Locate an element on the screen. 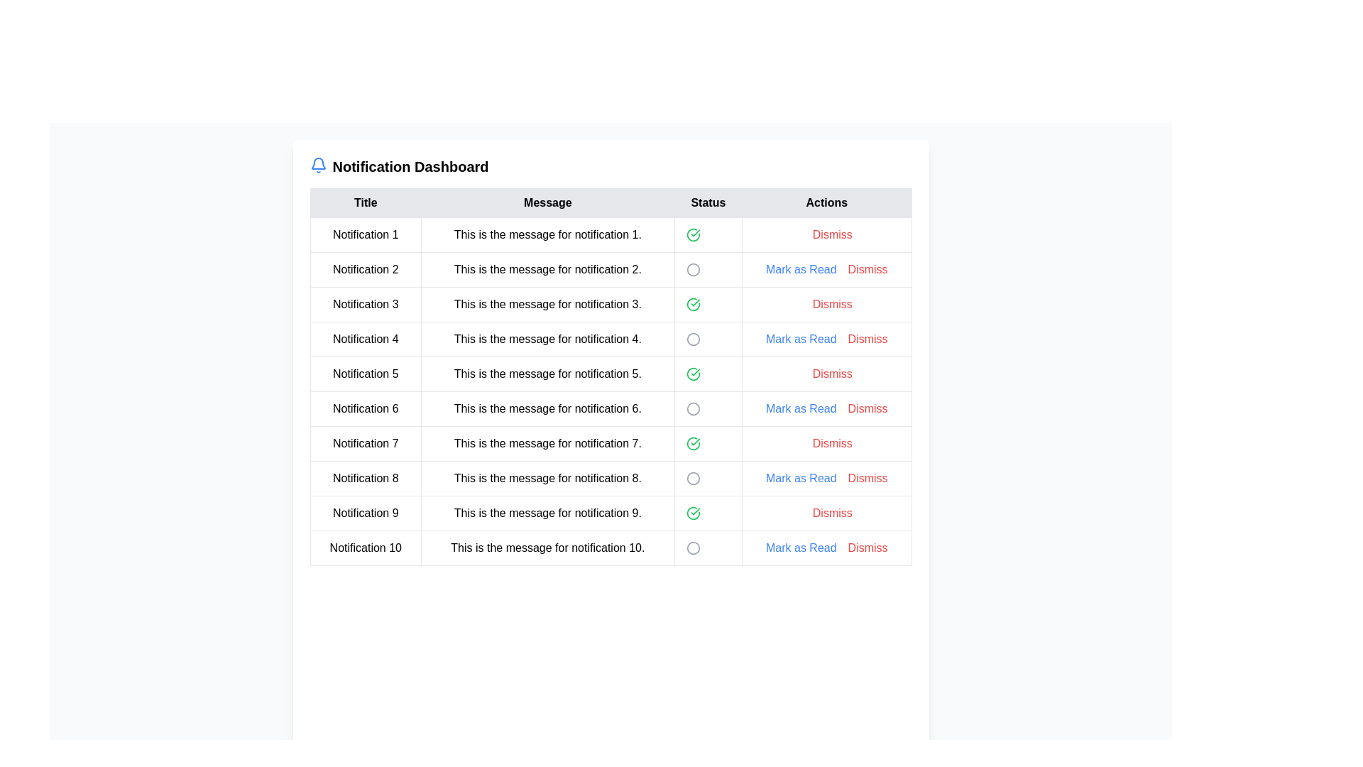  the table cell containing the text 'Notification 2' in the second row under the 'Title' column is located at coordinates (366, 270).